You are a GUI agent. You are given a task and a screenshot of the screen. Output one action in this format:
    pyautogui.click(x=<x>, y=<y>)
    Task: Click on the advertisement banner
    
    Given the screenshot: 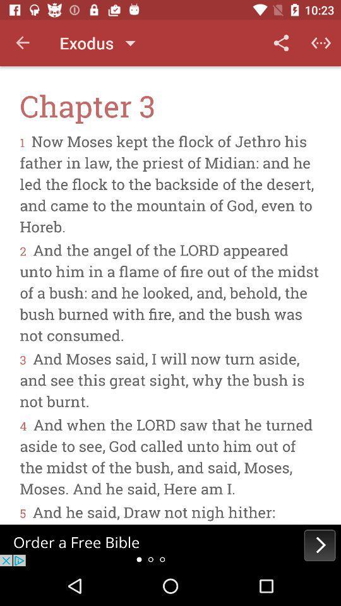 What is the action you would take?
    pyautogui.click(x=170, y=545)
    